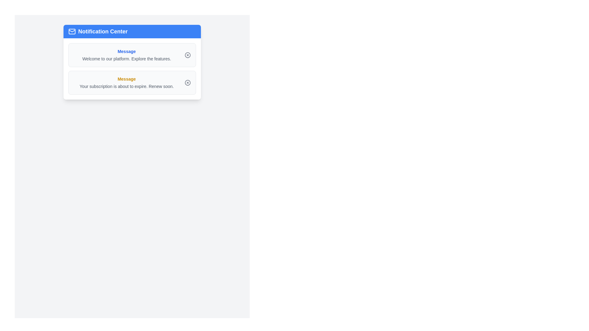  What do you see at coordinates (103, 32) in the screenshot?
I see `the text label that serves as the title or header for the notification section, which is centrally aligned at the top of the blue header bar` at bounding box center [103, 32].